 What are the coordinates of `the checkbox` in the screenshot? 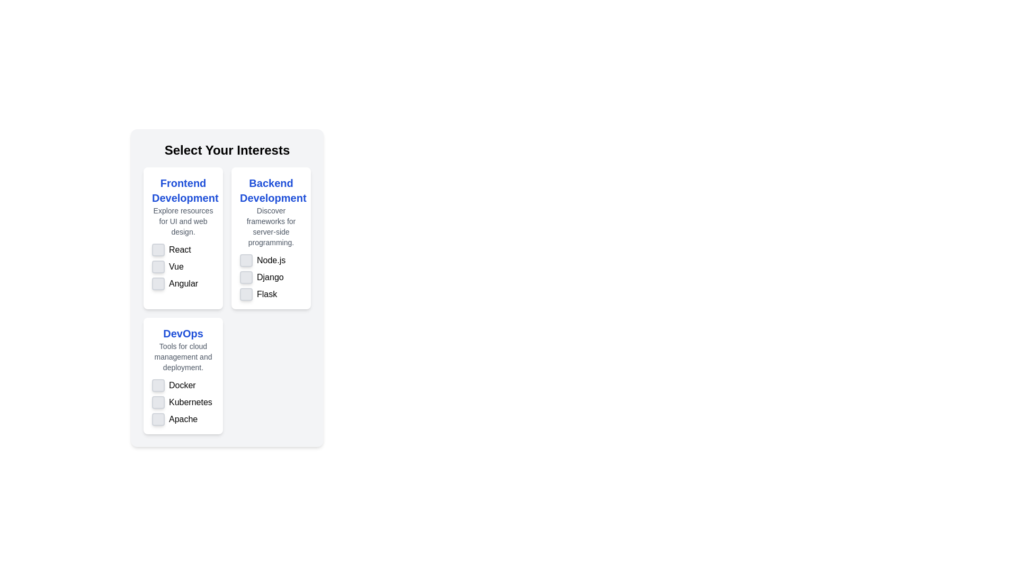 It's located at (183, 266).